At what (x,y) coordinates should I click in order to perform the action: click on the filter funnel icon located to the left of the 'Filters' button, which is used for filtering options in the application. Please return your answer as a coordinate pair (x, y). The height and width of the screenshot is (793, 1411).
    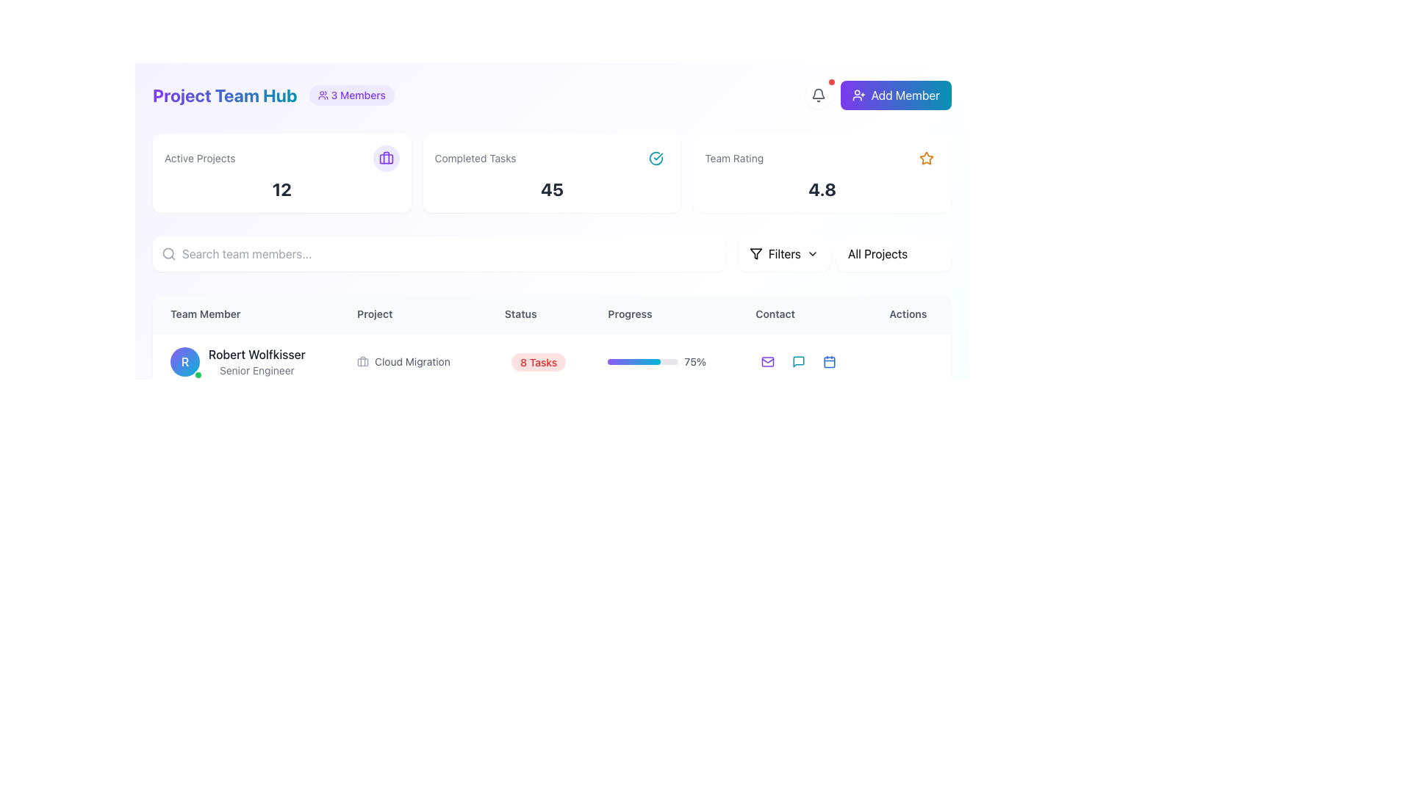
    Looking at the image, I should click on (755, 253).